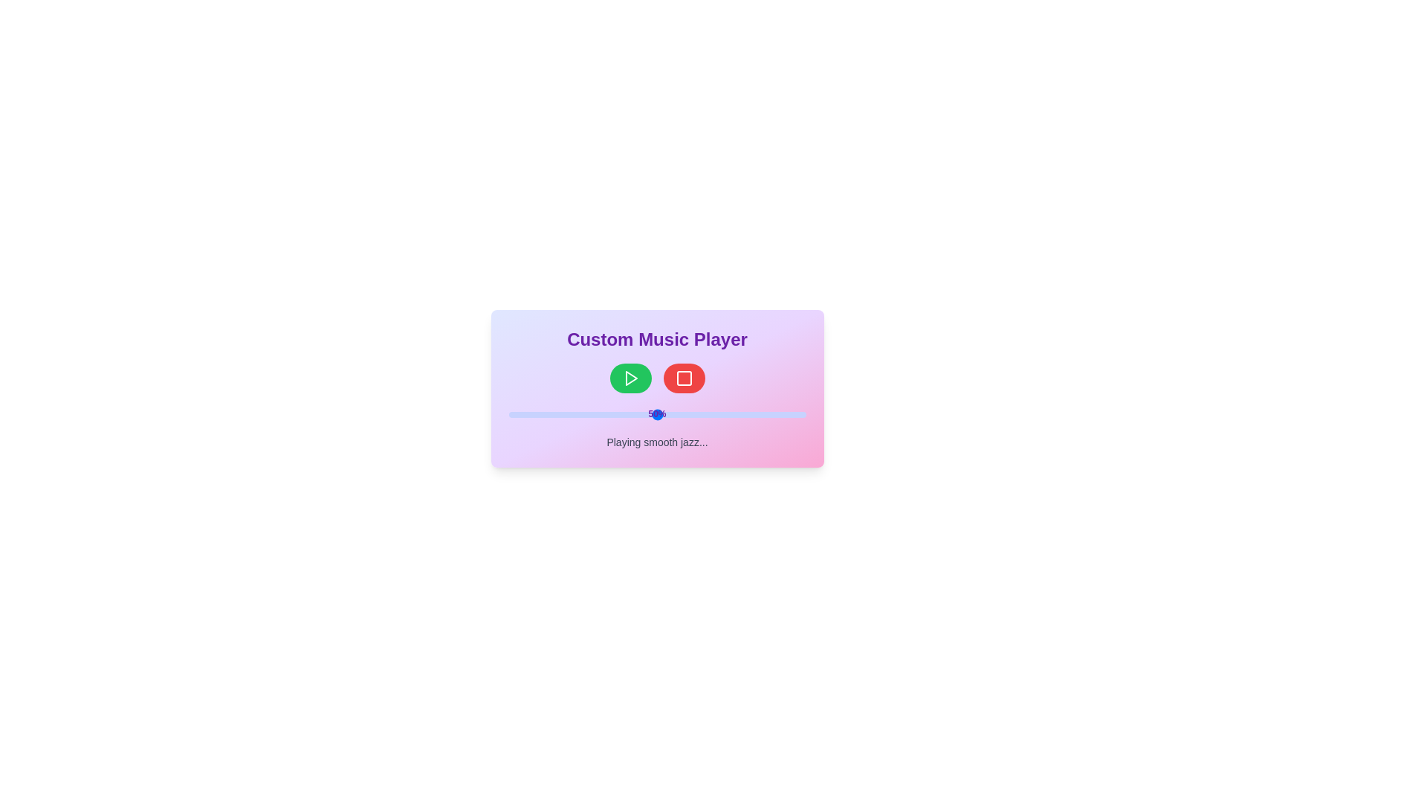 The width and height of the screenshot is (1427, 803). Describe the element at coordinates (656, 339) in the screenshot. I see `the Text header element at the top of the custom music player interface` at that location.